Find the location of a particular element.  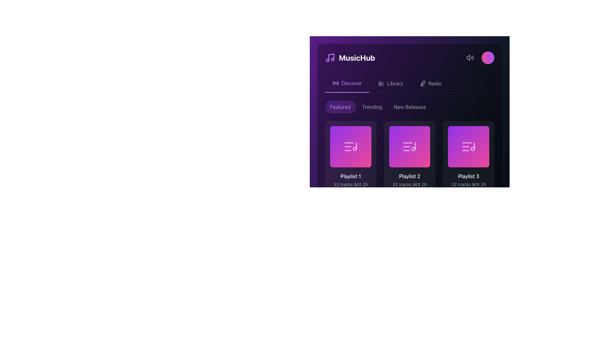

the musical note icon with horizontal lines, which is located at the center of the first playlist card under the 'Featured' section is located at coordinates (350, 146).